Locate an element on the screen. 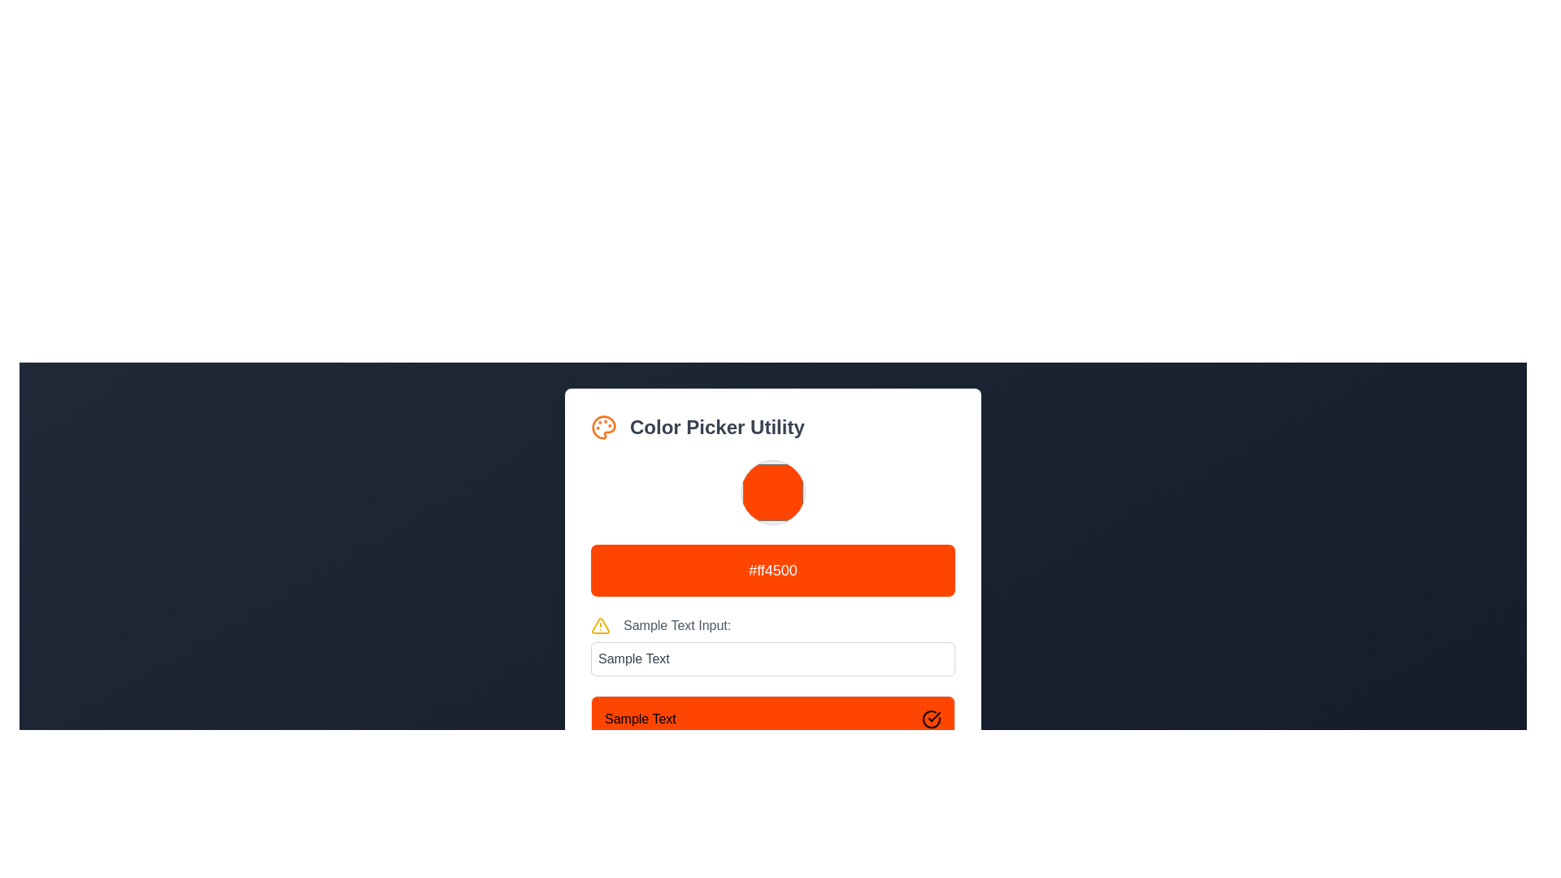  the color picker SVG icon located to the immediate left of the 'Color Picker Utility' text, which serves as a visual representation of the color picker feature is located at coordinates (603, 426).